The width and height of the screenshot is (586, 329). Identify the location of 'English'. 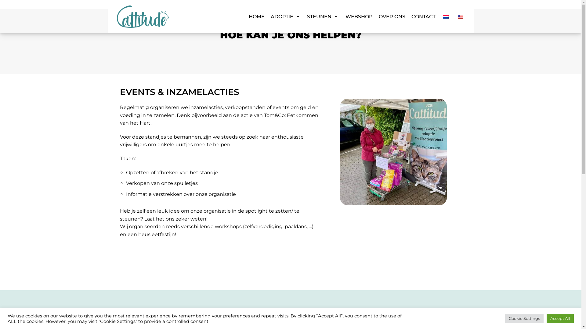
(460, 16).